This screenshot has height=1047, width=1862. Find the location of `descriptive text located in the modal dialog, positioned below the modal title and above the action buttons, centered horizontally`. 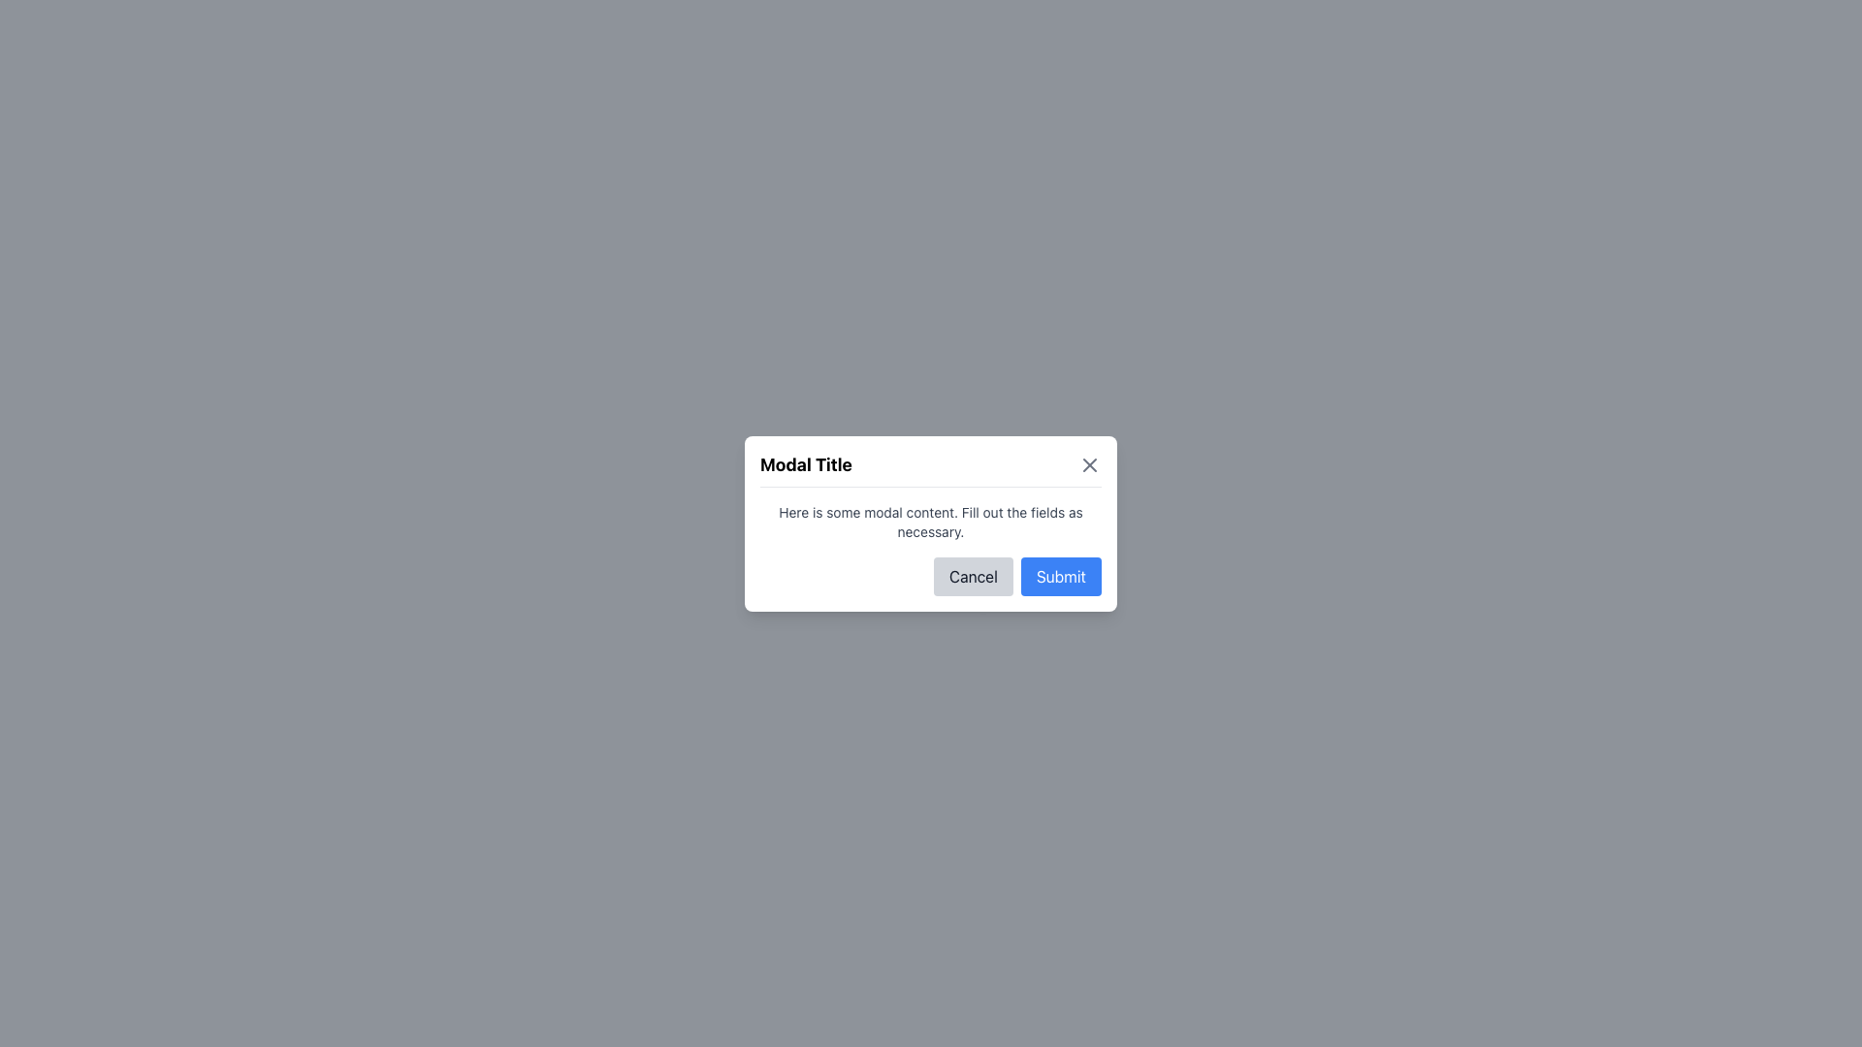

descriptive text located in the modal dialog, positioned below the modal title and above the action buttons, centered horizontally is located at coordinates (931, 520).